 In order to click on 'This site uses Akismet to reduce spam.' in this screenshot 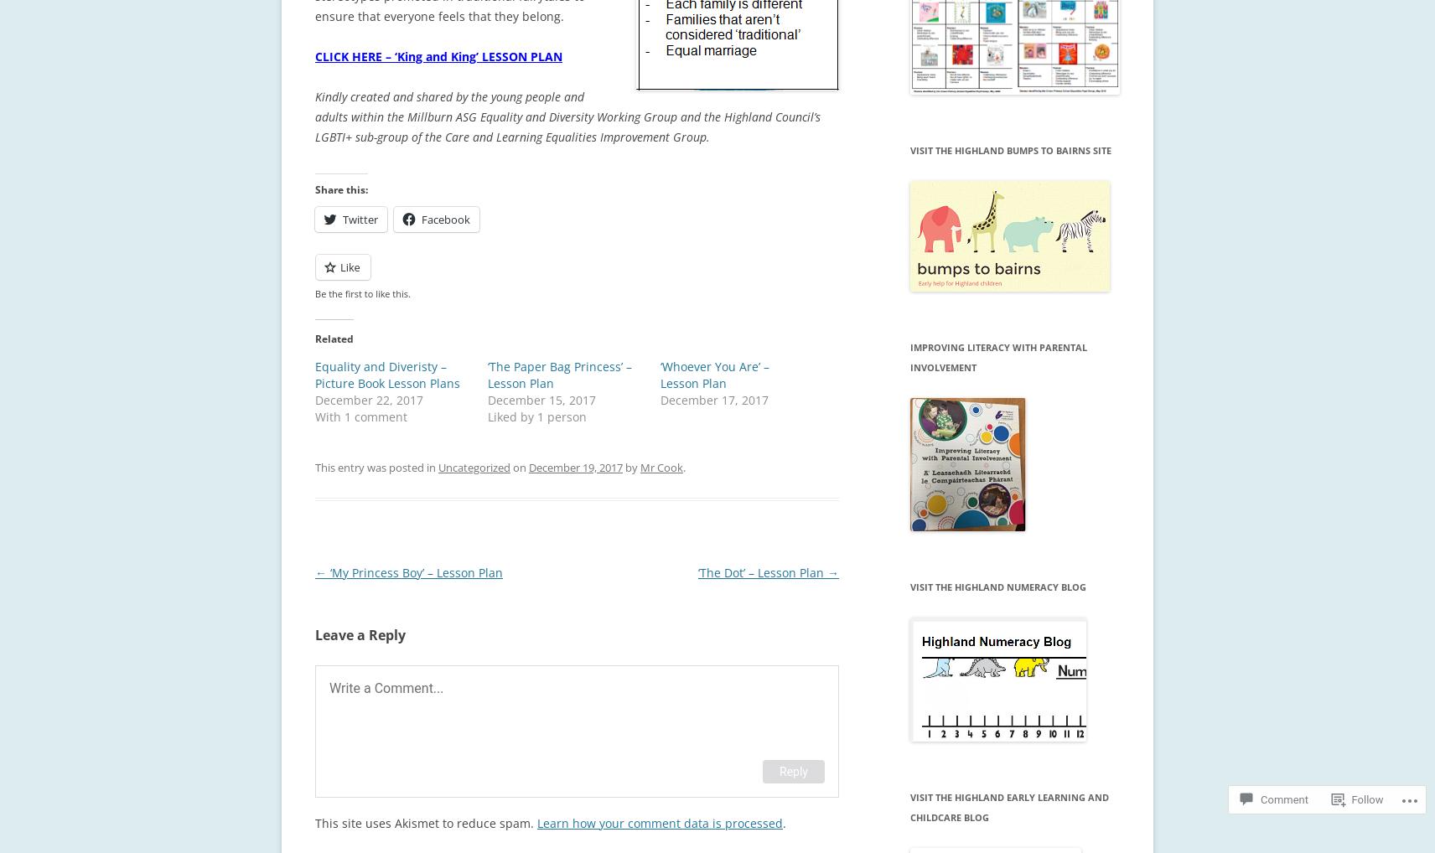, I will do `click(425, 822)`.